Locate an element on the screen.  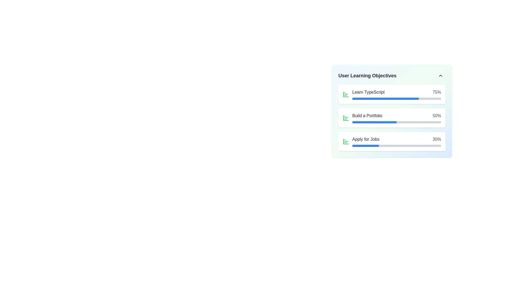
the ProgressIndicator showing 50% completion for the objective 'Build a Portfolio', which is the second item under 'User Learning Objectives' is located at coordinates (392, 117).